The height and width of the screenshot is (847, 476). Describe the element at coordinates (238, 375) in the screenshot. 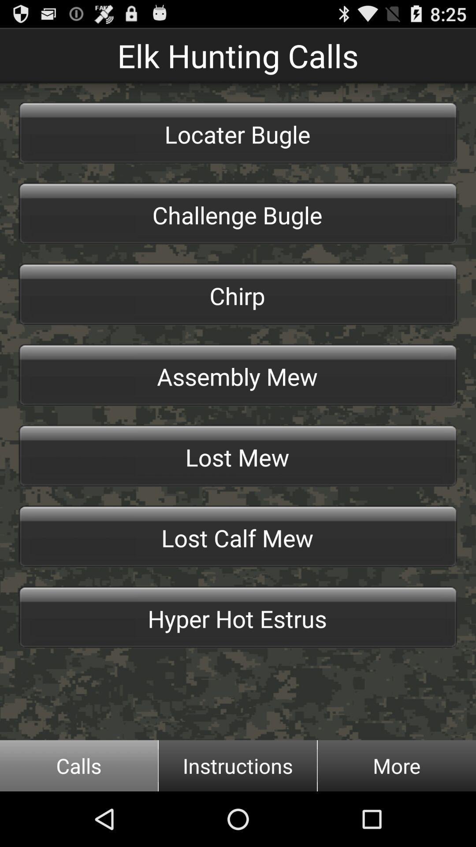

I see `the assembly mew` at that location.